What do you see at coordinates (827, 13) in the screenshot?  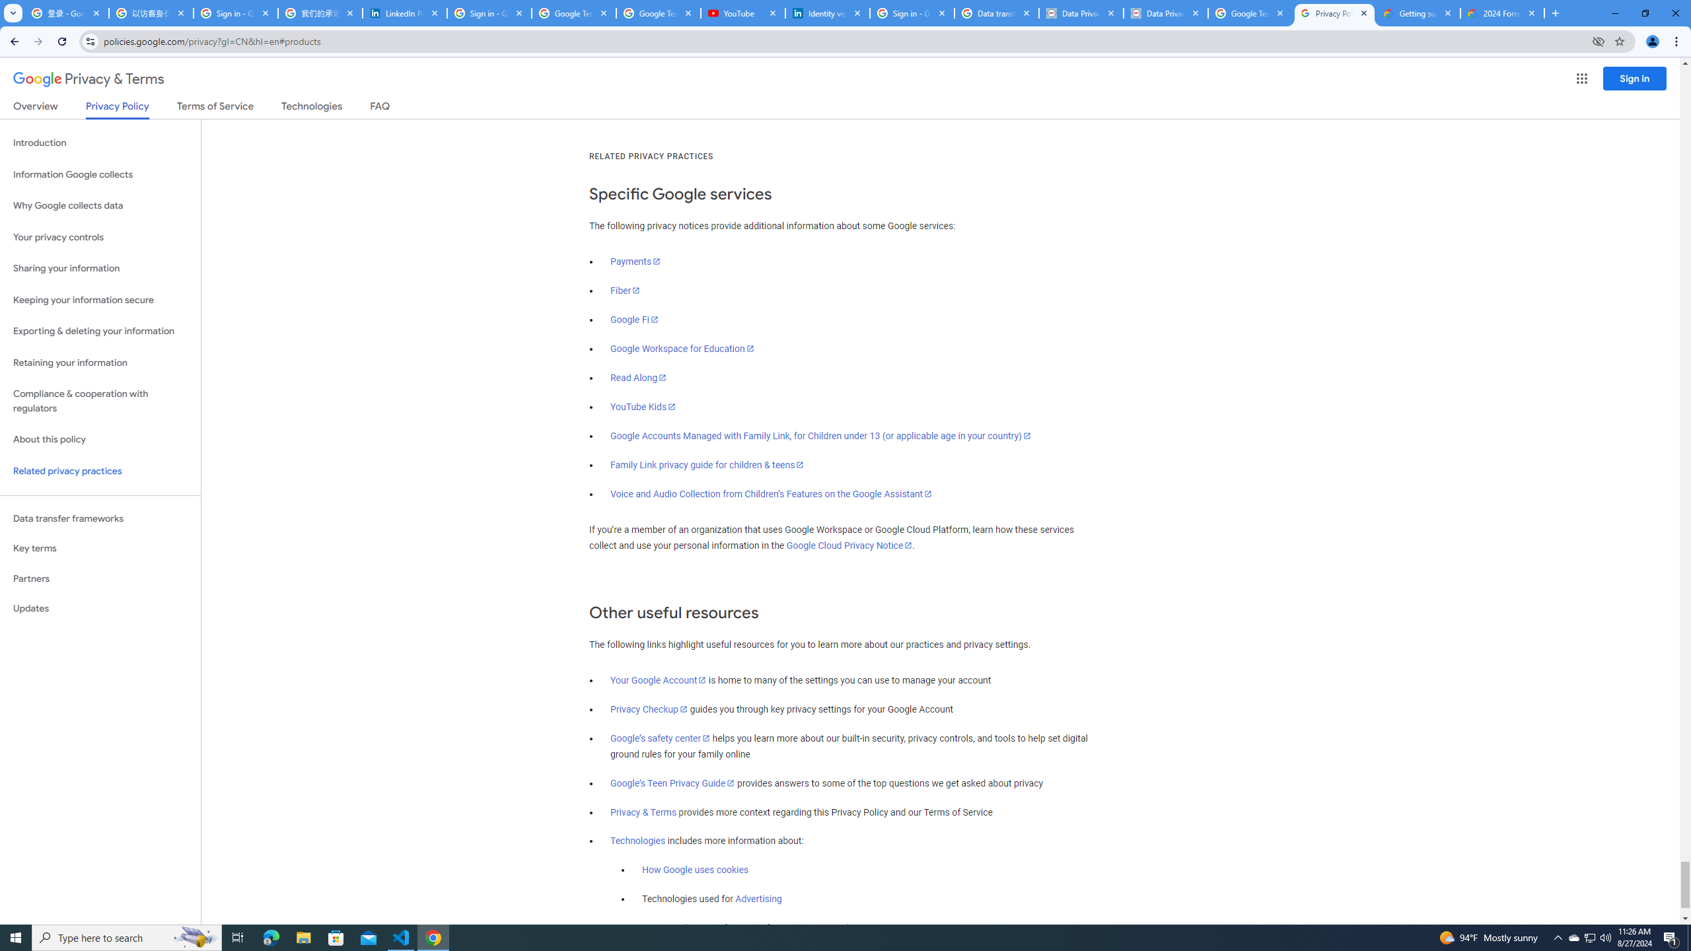 I see `'Identity verification via Persona | LinkedIn Help'` at bounding box center [827, 13].